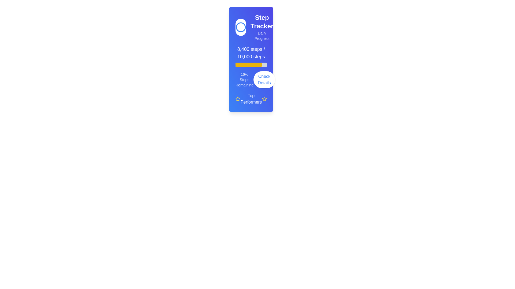  I want to click on the 'Step Tracker' text in the Header section, so click(251, 27).